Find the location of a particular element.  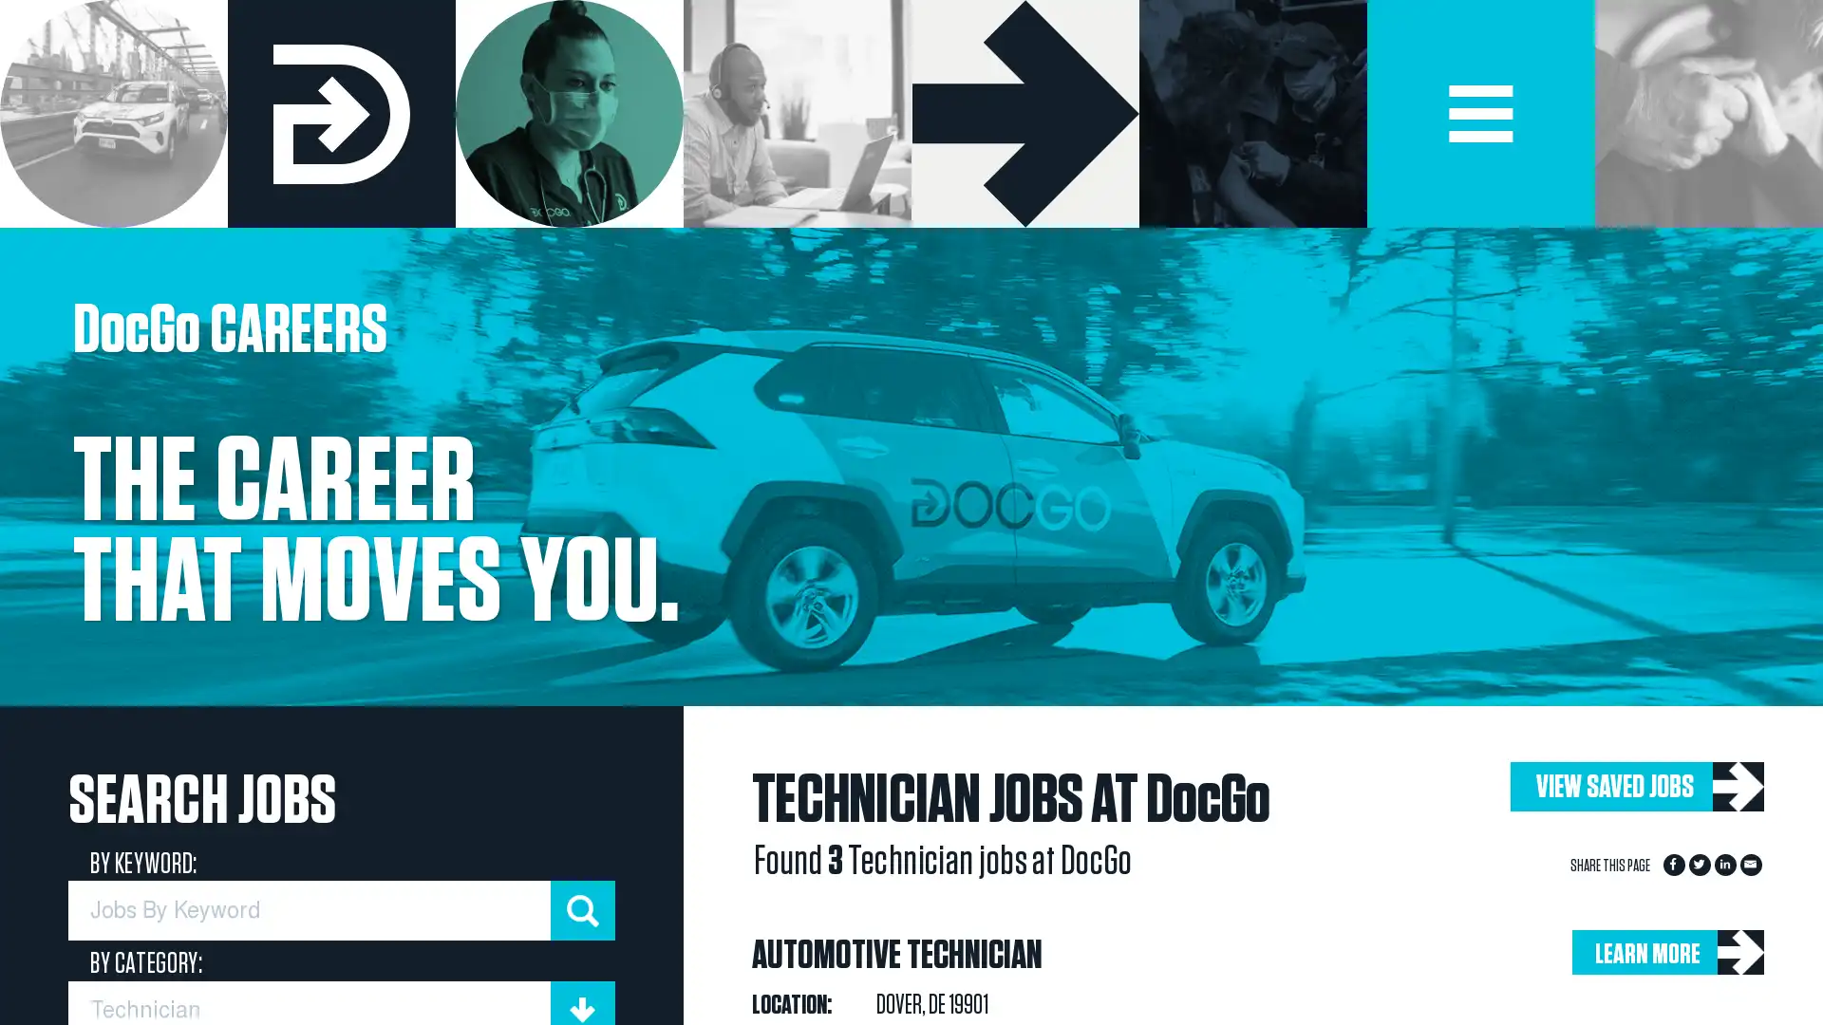

Share to Twitter is located at coordinates (1699, 864).